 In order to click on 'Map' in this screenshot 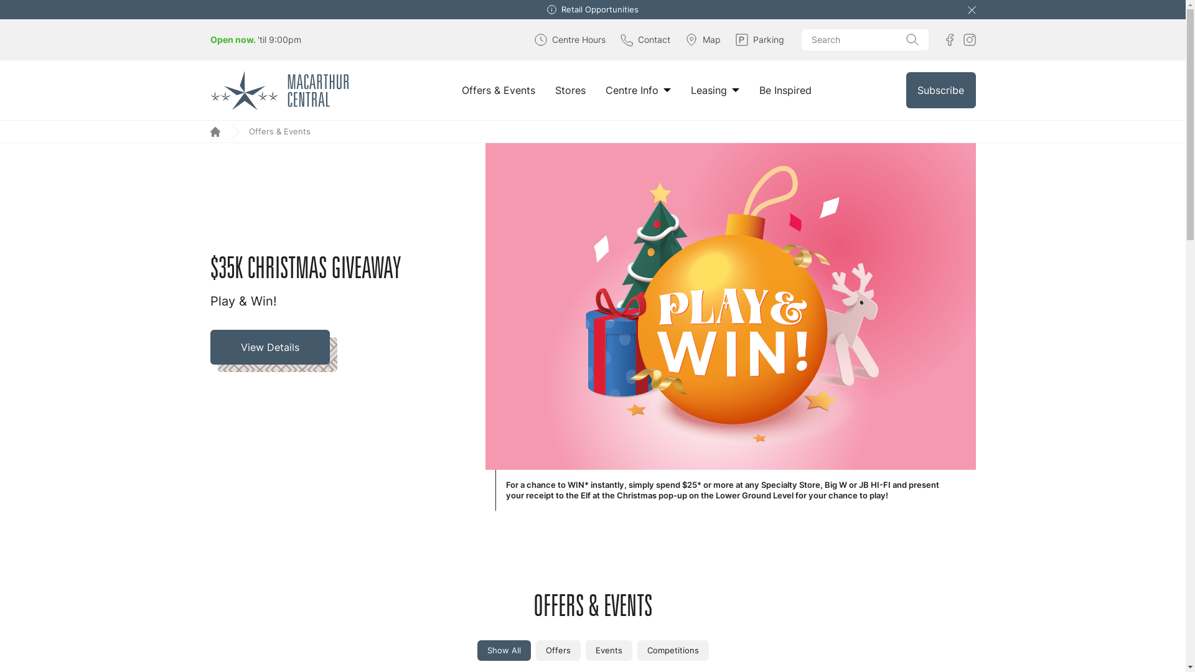, I will do `click(683, 39)`.